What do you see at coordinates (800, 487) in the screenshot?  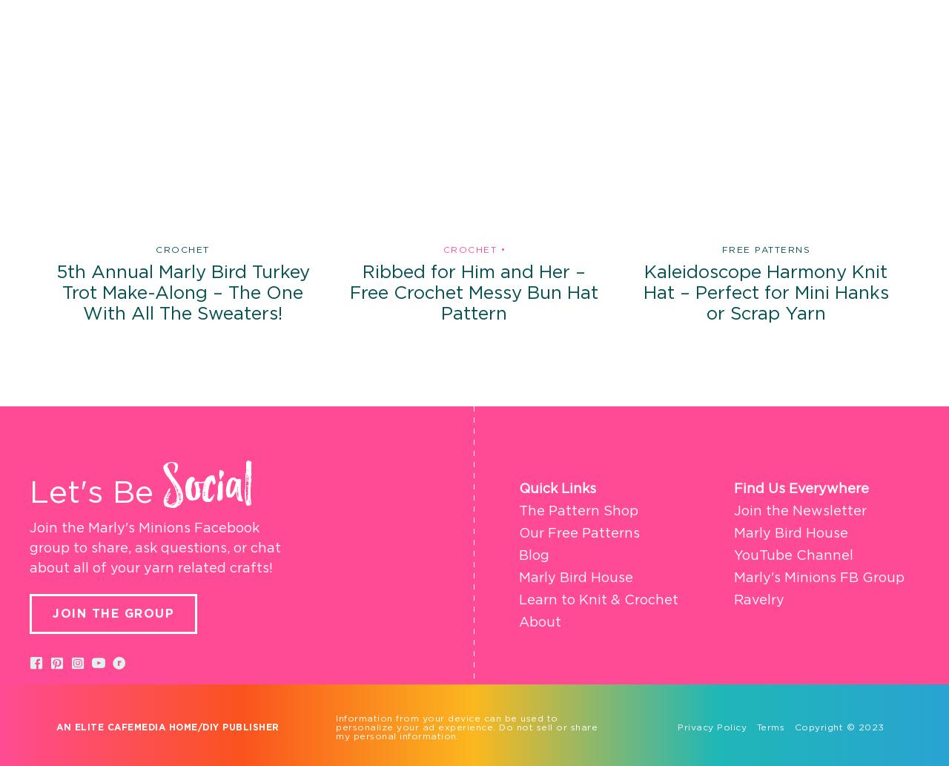 I see `'Find Us Everywhere'` at bounding box center [800, 487].